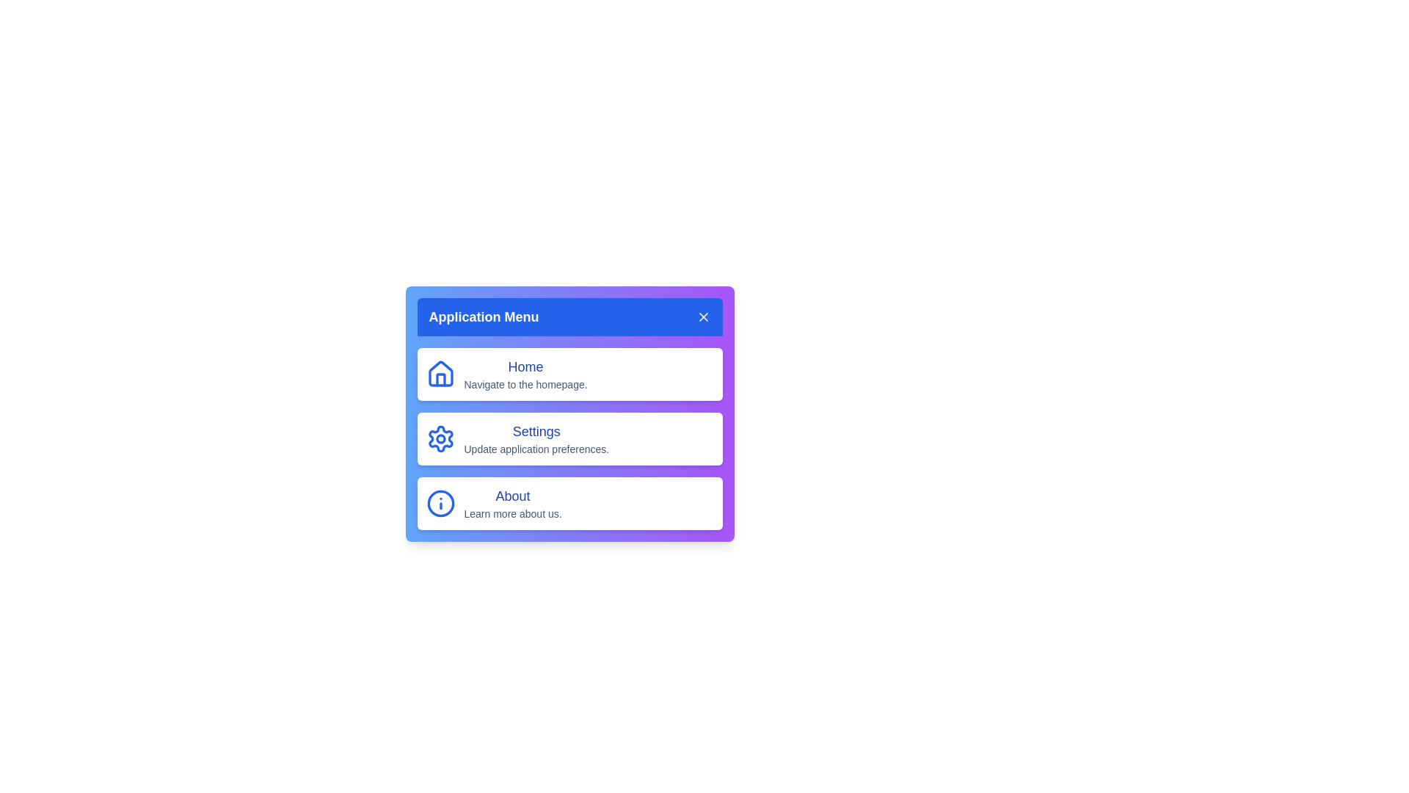 The width and height of the screenshot is (1409, 793). Describe the element at coordinates (525, 384) in the screenshot. I see `the description of the Home menu item` at that location.